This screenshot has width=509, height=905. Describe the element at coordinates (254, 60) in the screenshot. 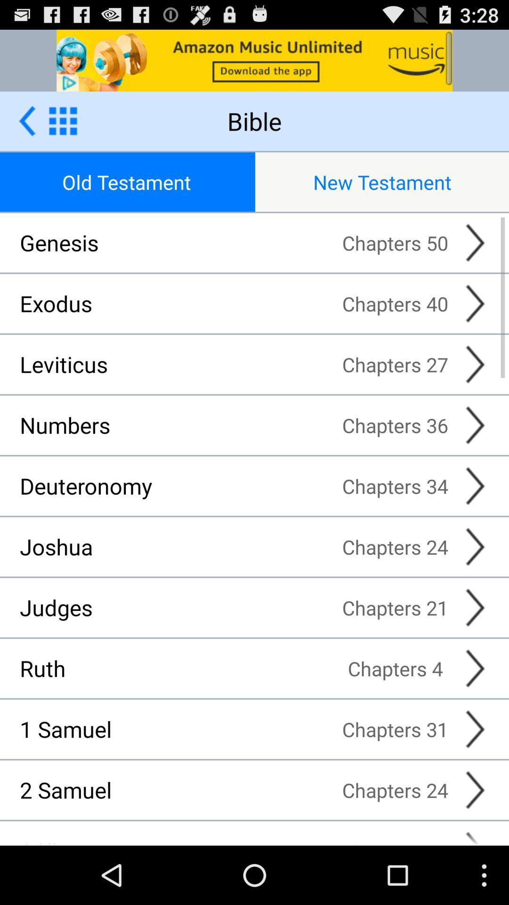

I see `advertisement` at that location.